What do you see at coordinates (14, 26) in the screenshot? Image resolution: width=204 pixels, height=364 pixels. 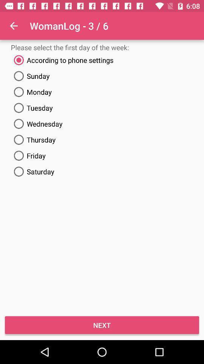 I see `app next to womanlog - 3 / 6` at bounding box center [14, 26].